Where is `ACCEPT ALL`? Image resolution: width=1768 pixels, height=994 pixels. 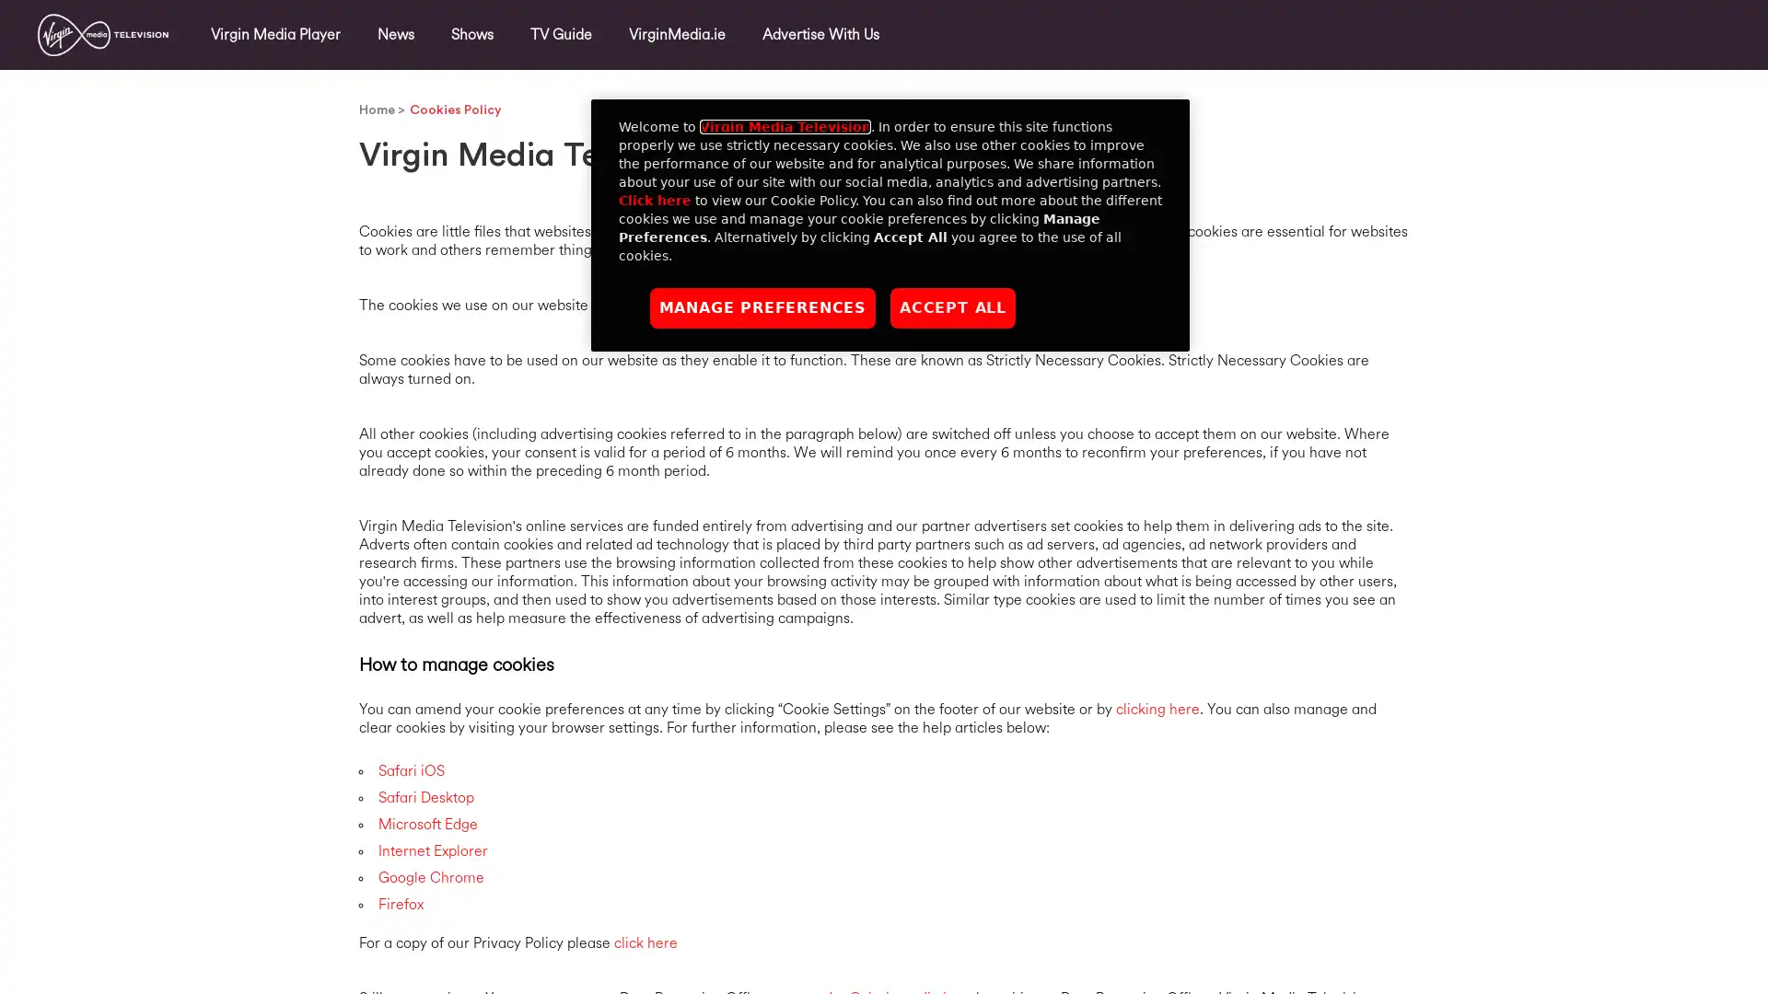 ACCEPT ALL is located at coordinates (953, 307).